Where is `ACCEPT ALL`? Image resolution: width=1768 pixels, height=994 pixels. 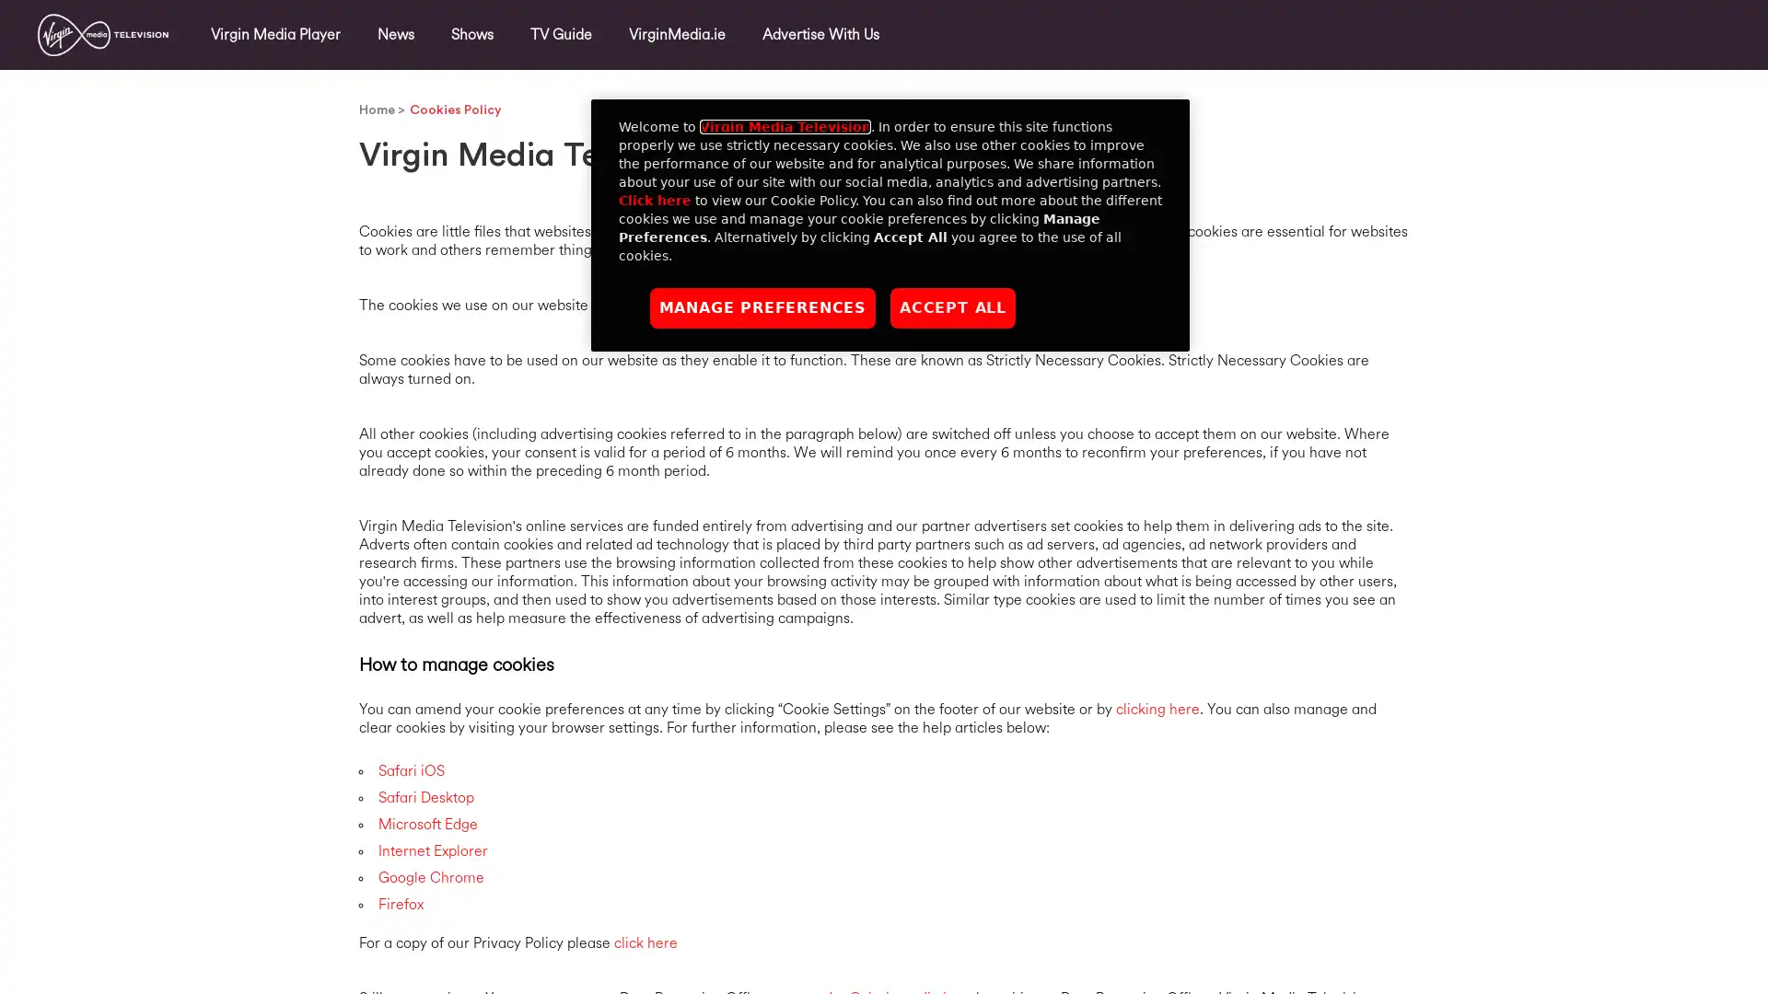 ACCEPT ALL is located at coordinates (953, 307).